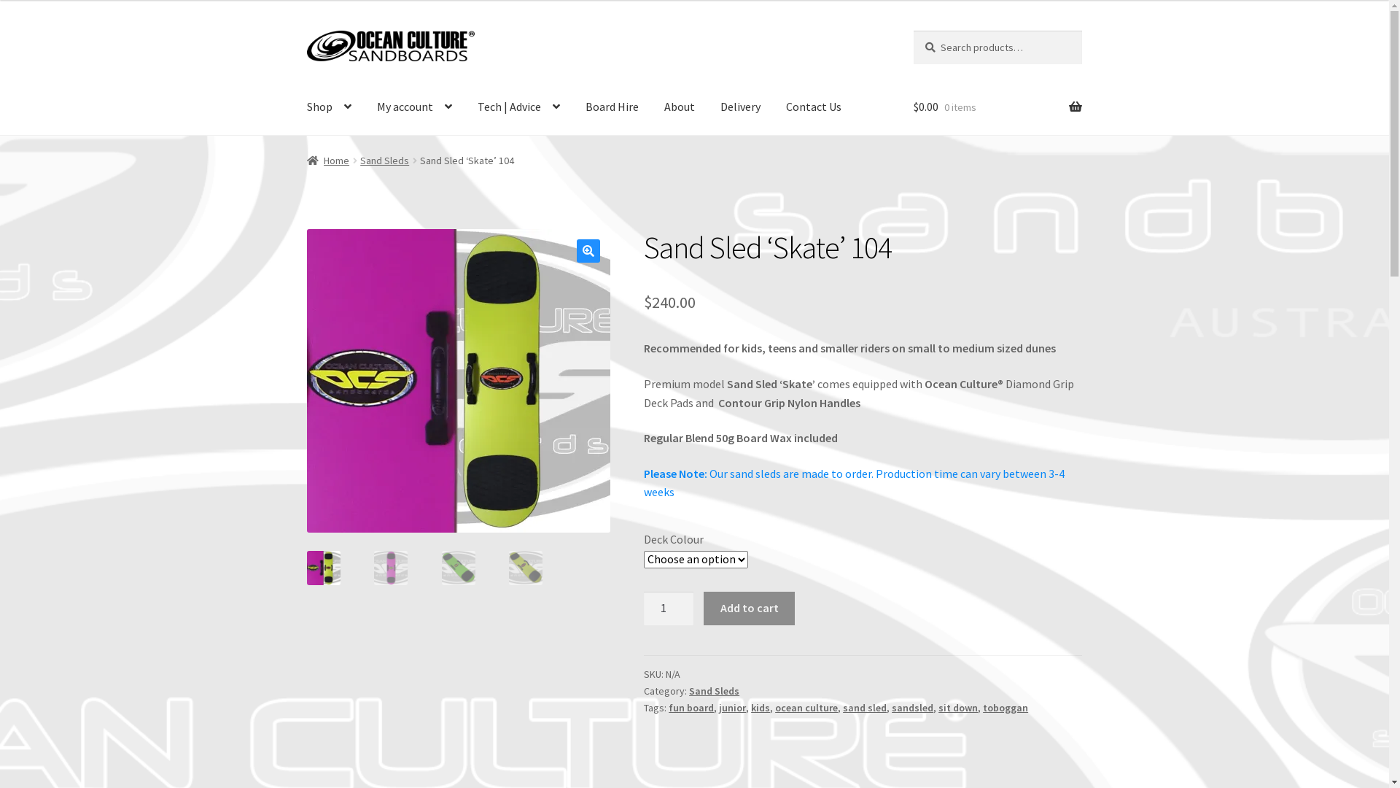 This screenshot has height=788, width=1400. Describe the element at coordinates (958, 706) in the screenshot. I see `'sit down'` at that location.